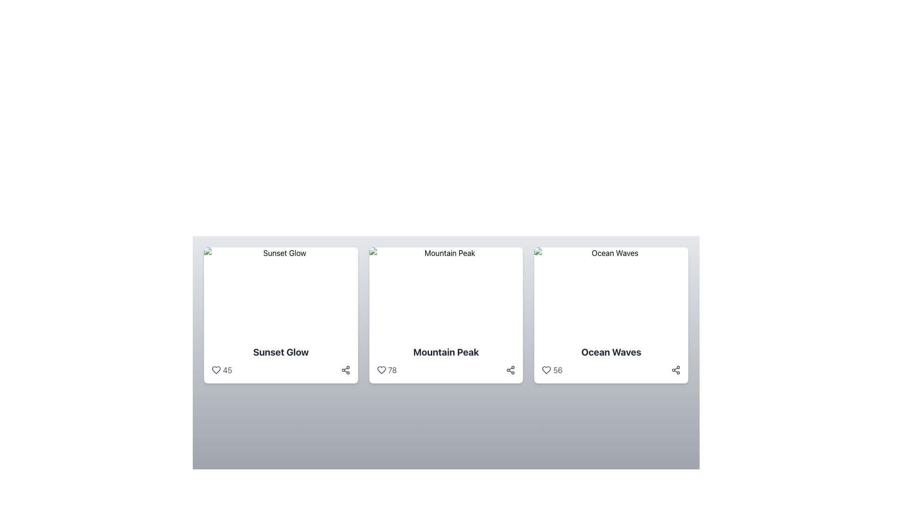 This screenshot has height=510, width=907. Describe the element at coordinates (381, 369) in the screenshot. I see `the heart-shaped icon, which is styled with a thin stroke and rounded corners, positioned to the left of the number '78' in the like count display` at that location.